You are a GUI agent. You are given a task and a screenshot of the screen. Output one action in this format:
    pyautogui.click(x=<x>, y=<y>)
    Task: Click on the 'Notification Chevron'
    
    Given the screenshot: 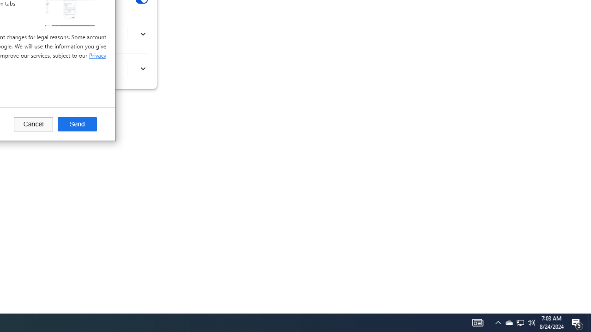 What is the action you would take?
    pyautogui.click(x=498, y=322)
    